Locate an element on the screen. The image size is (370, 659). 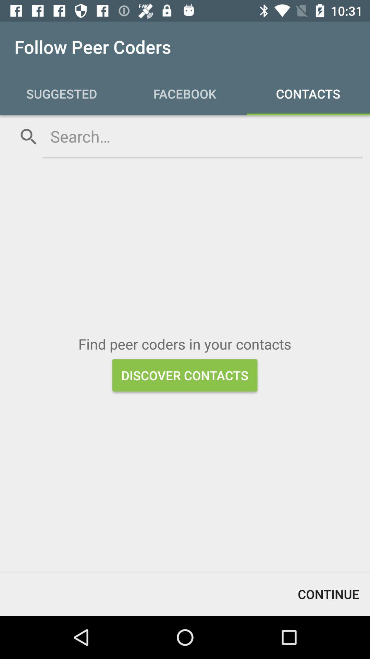
searcb here is located at coordinates (202, 136).